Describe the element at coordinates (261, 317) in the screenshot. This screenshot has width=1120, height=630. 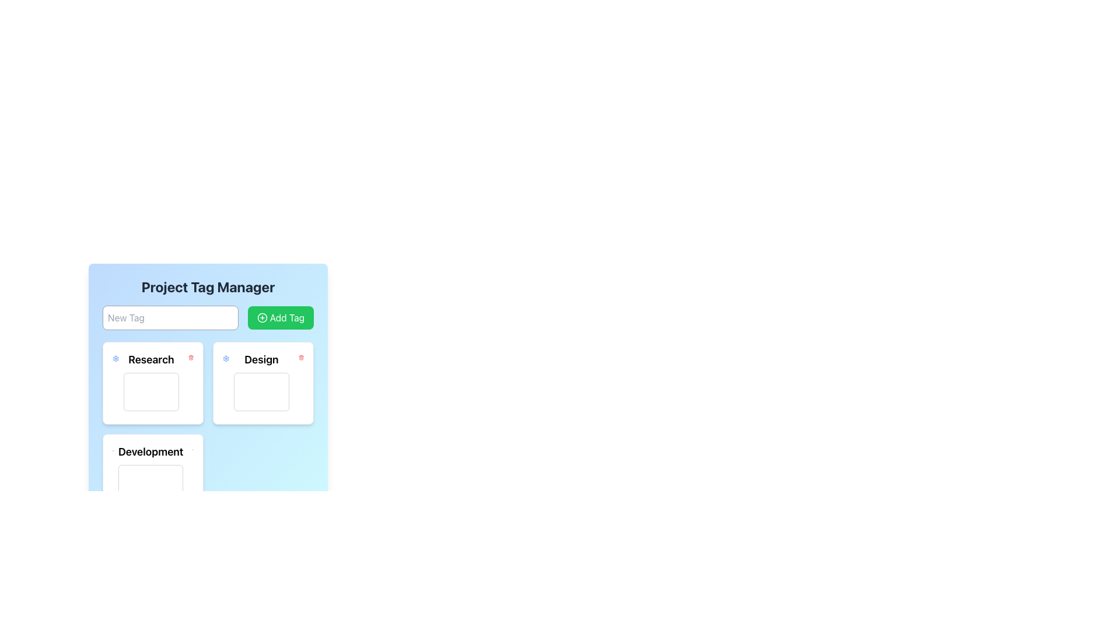
I see `the 'Add Tag' button which contains a small SVG icon of a circular outline with a plus sign centered within it` at that location.